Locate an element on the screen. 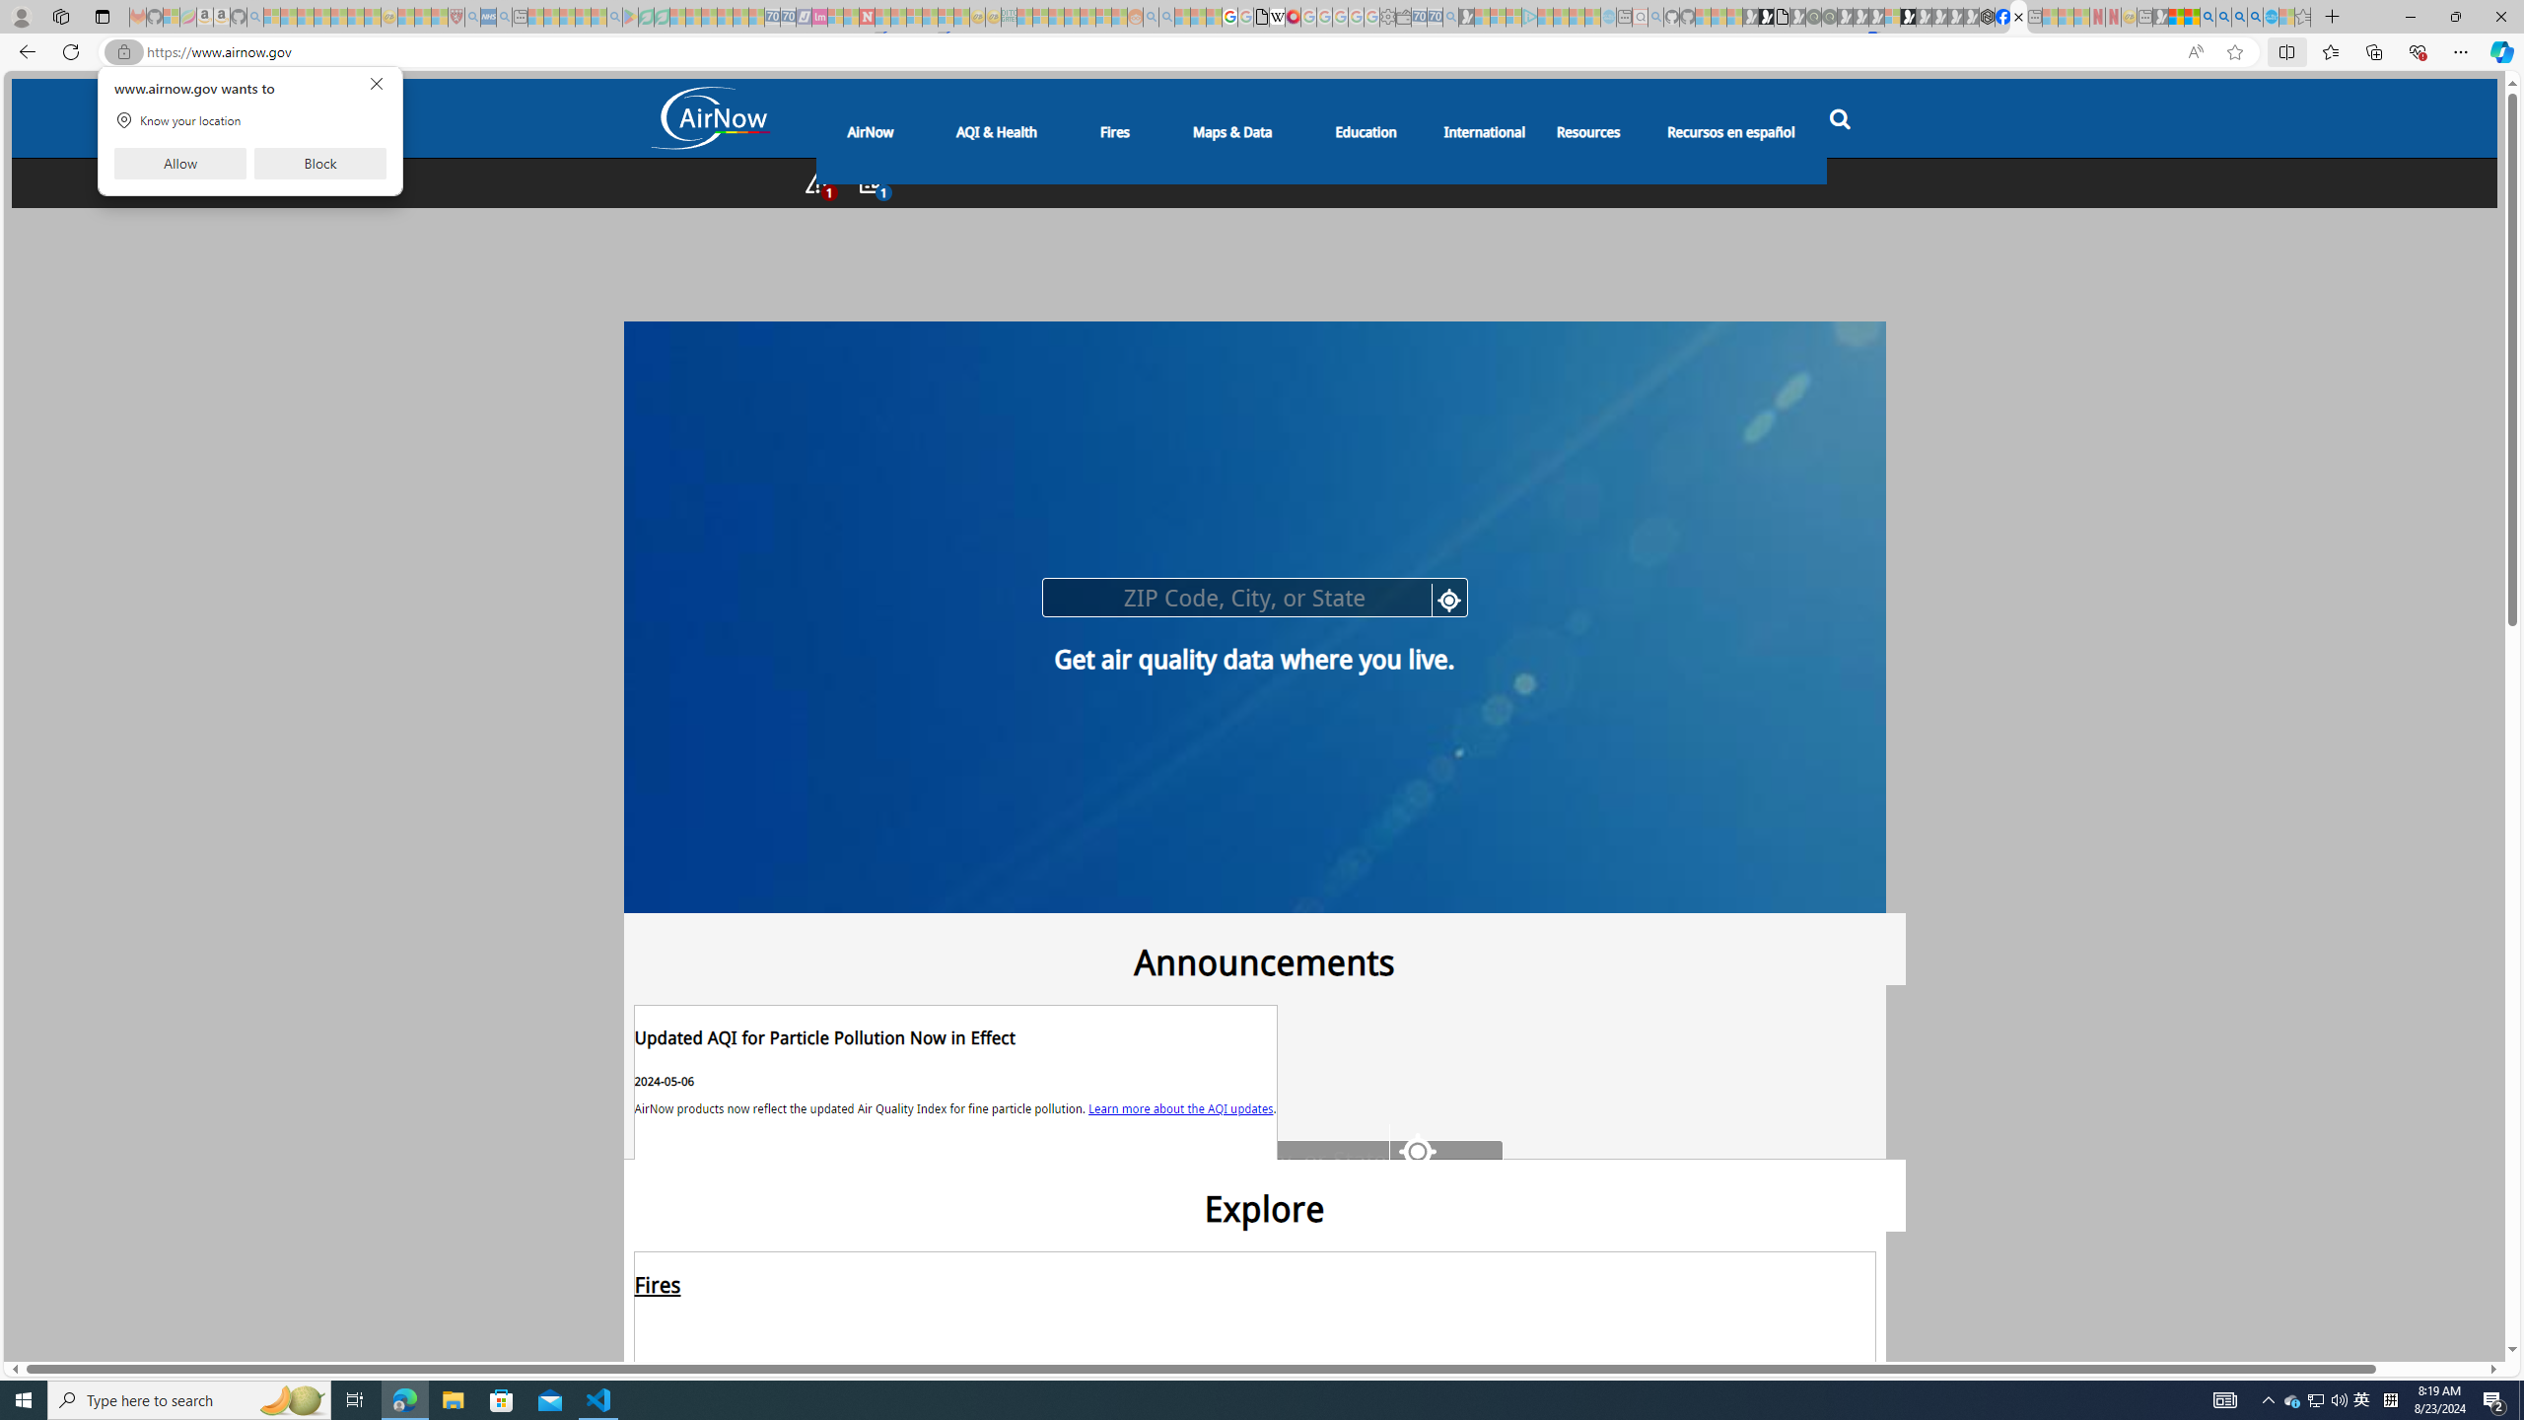  'Services - Maintenance | Sky Blue Bikes - Sky Blue Bikes' is located at coordinates (2270, 16).